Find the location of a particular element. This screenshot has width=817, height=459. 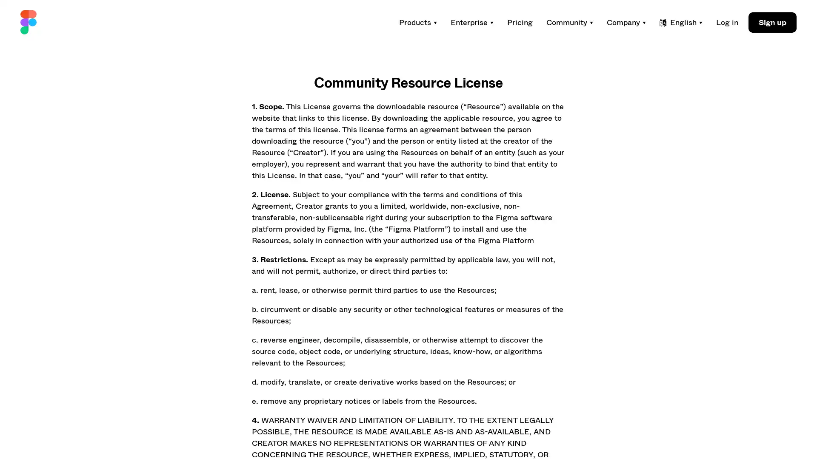

Log in is located at coordinates (726, 21).